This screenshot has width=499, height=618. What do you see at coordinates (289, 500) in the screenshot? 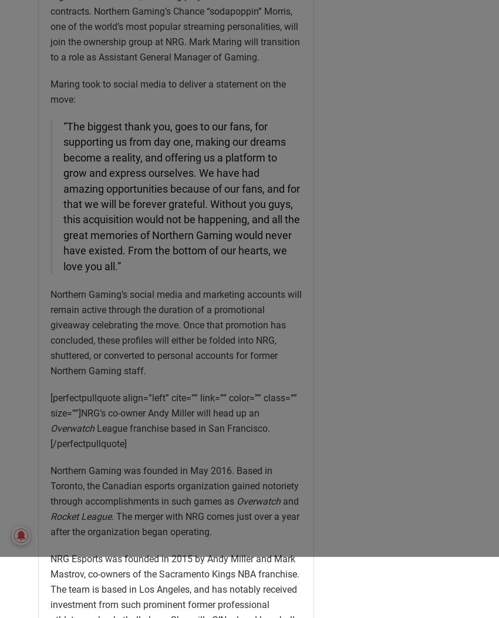
I see `'and'` at bounding box center [289, 500].